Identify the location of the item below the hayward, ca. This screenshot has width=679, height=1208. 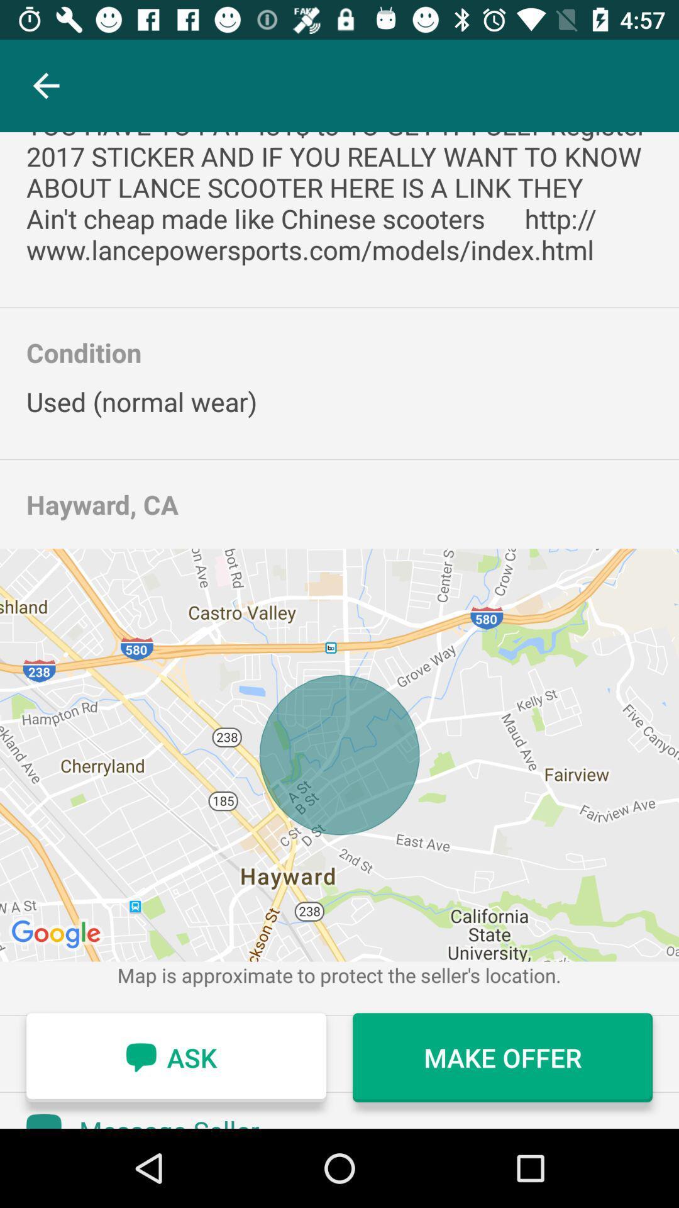
(339, 755).